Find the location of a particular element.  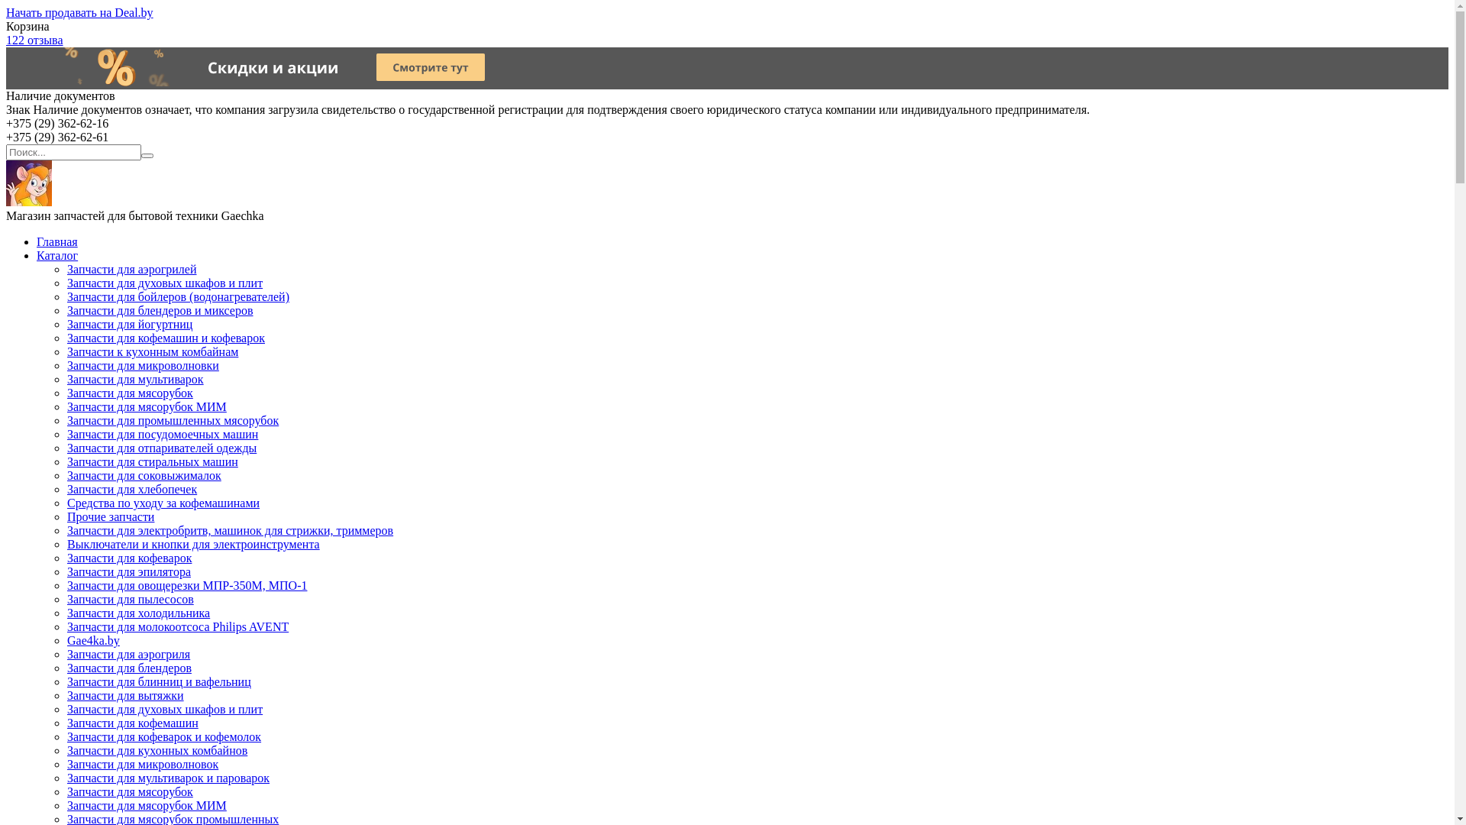

'Gae4ka.by' is located at coordinates (92, 640).